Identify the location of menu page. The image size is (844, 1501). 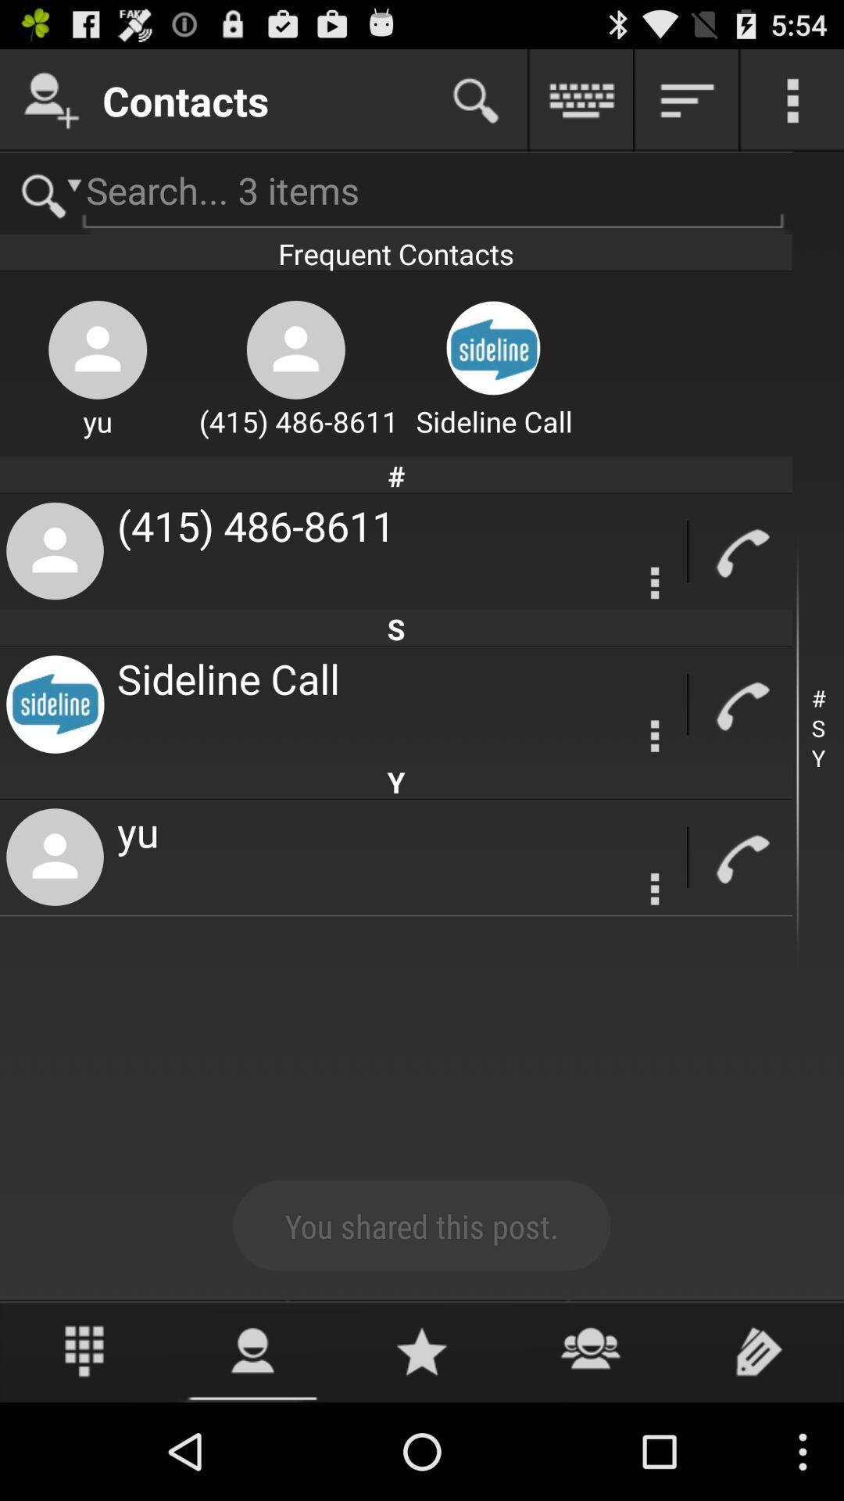
(792, 99).